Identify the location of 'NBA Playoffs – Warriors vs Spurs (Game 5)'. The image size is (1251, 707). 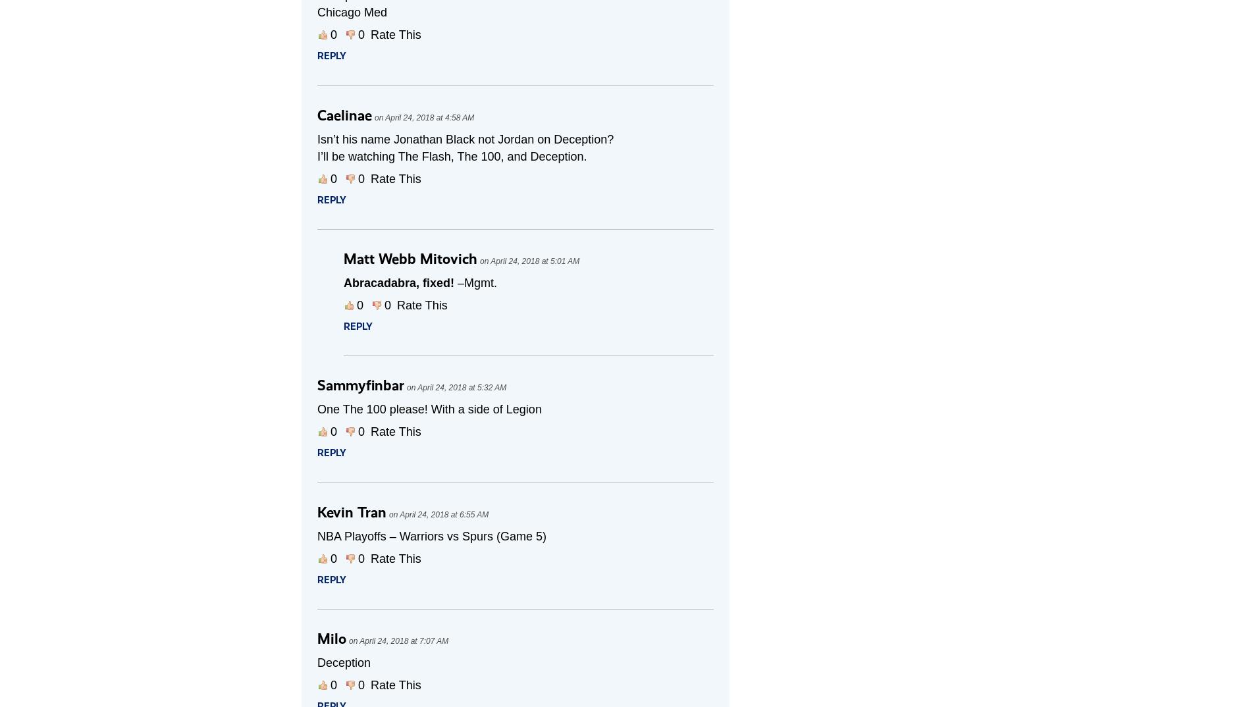
(432, 536).